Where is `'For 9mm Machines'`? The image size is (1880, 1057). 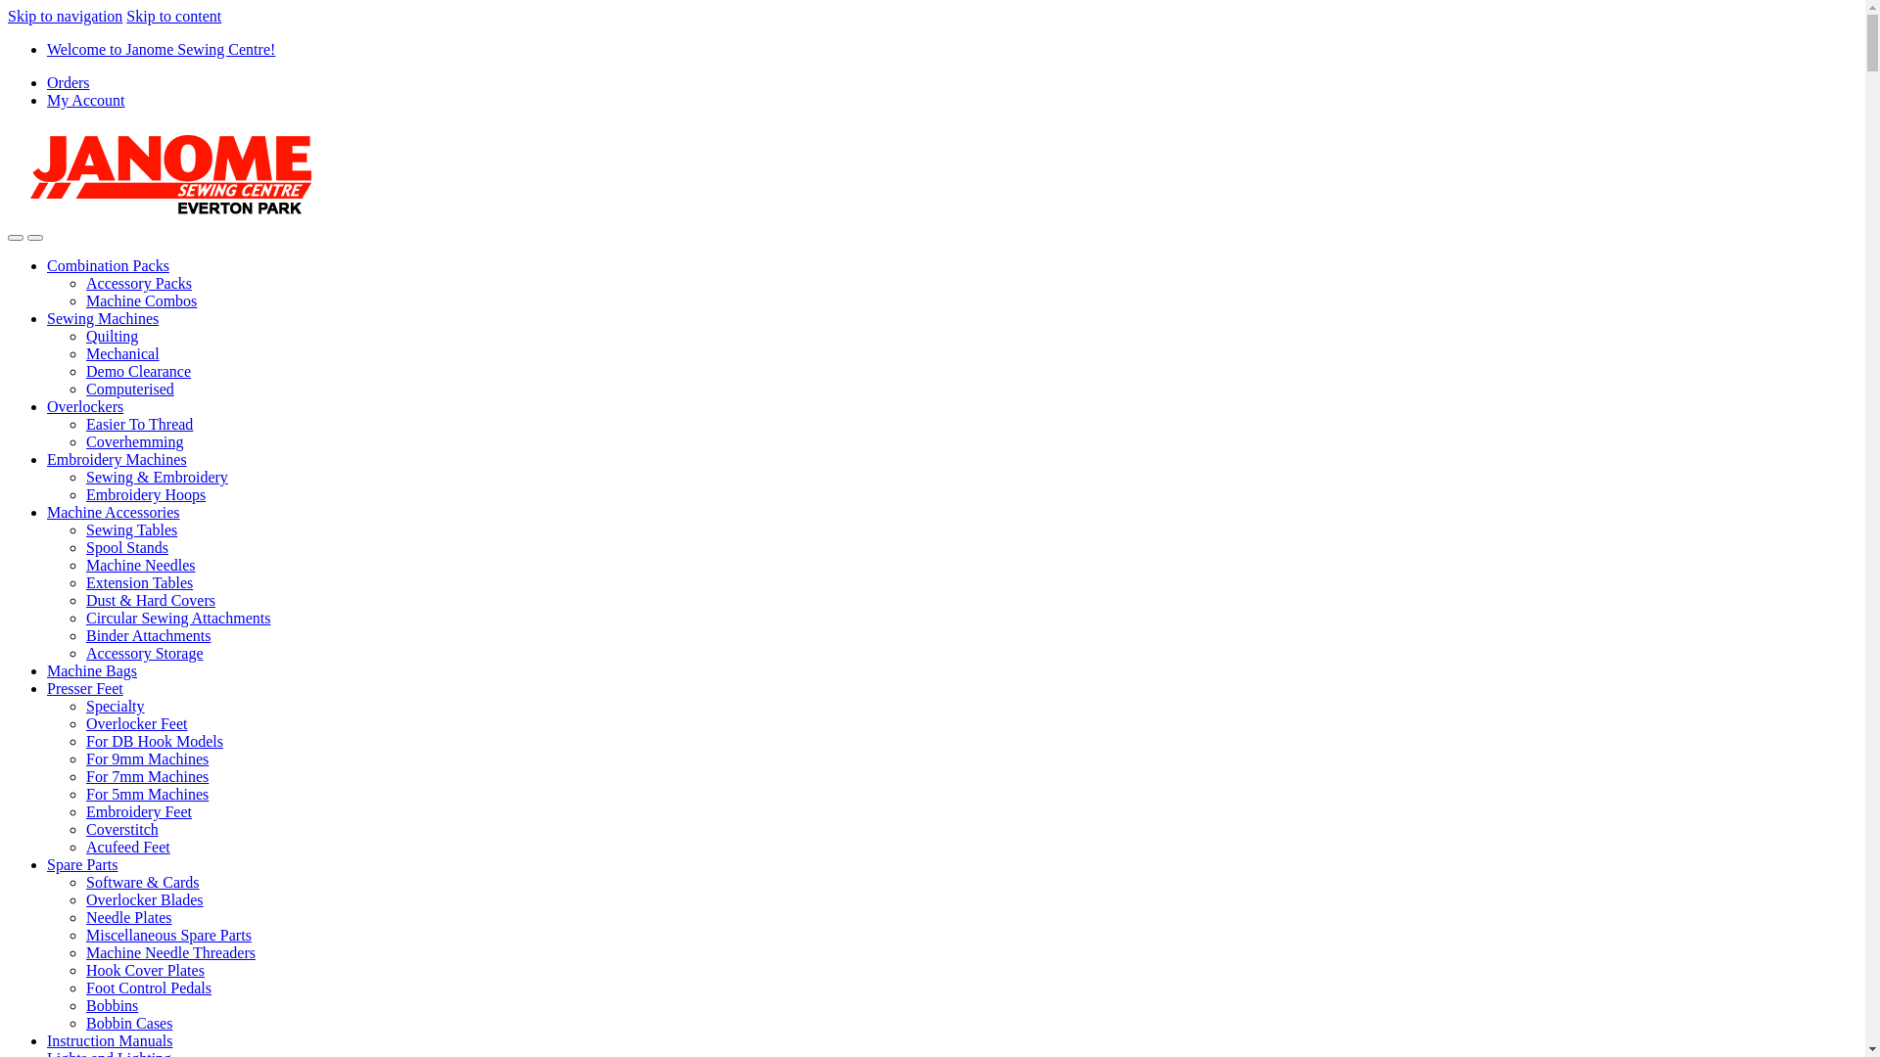 'For 9mm Machines' is located at coordinates (146, 758).